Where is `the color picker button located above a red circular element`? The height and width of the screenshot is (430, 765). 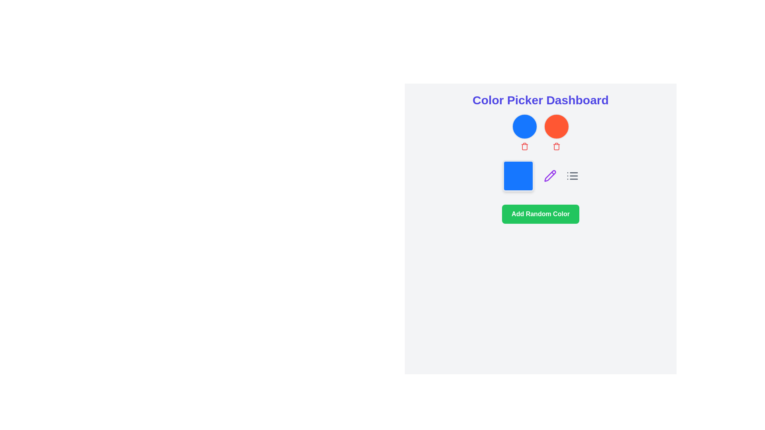
the color picker button located above a red circular element is located at coordinates (524, 126).